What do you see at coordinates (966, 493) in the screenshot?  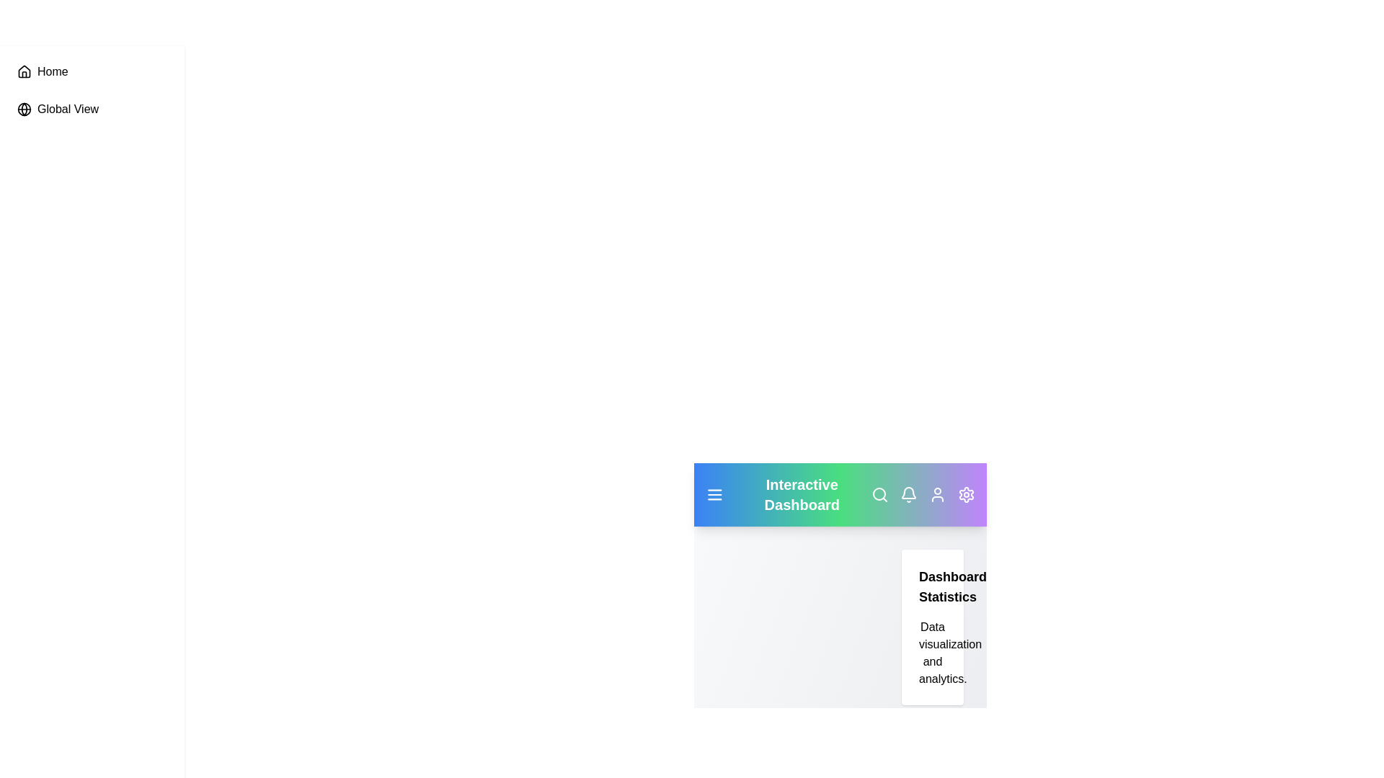 I see `the settings icon to open the application settings` at bounding box center [966, 493].